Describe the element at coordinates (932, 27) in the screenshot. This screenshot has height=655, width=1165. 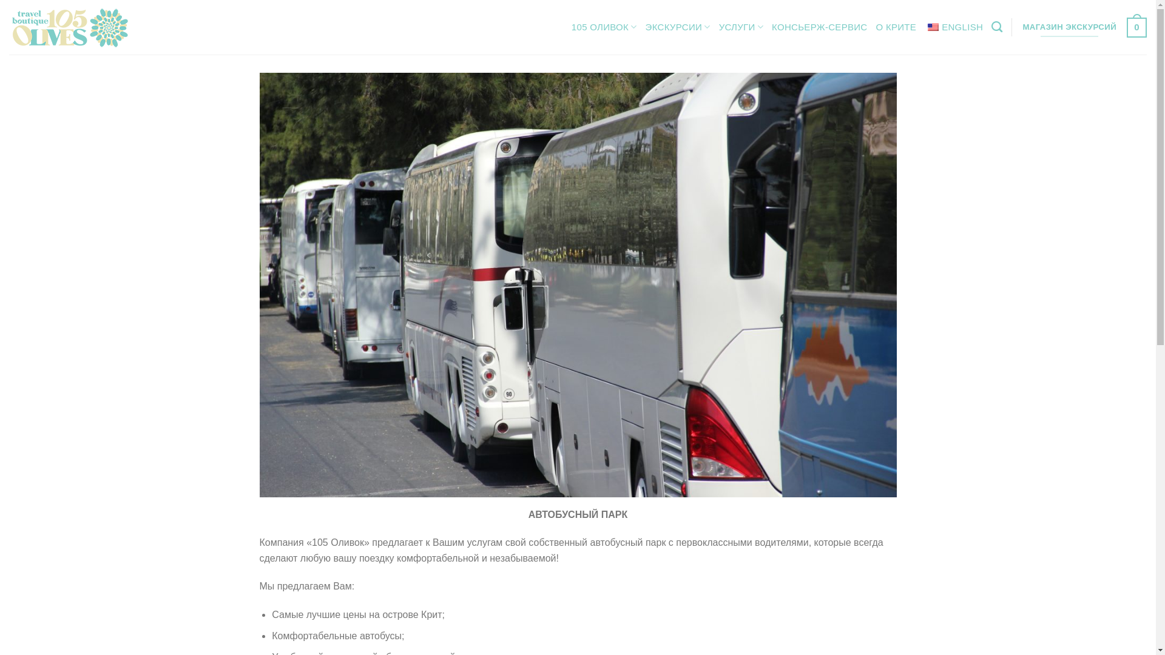
I see `'English'` at that location.